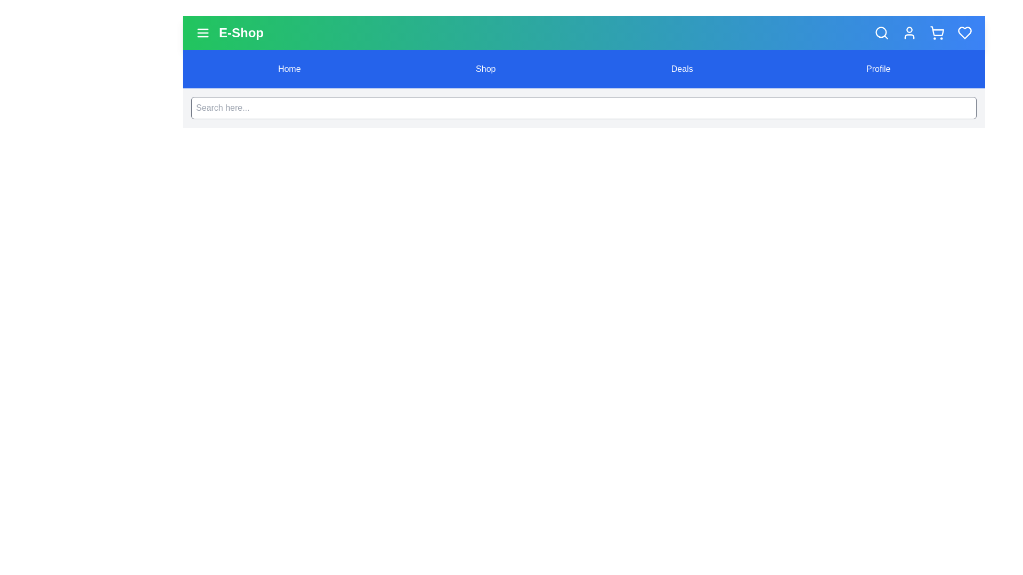  Describe the element at coordinates (289, 69) in the screenshot. I see `the menu option Home to navigate to the respective section` at that location.